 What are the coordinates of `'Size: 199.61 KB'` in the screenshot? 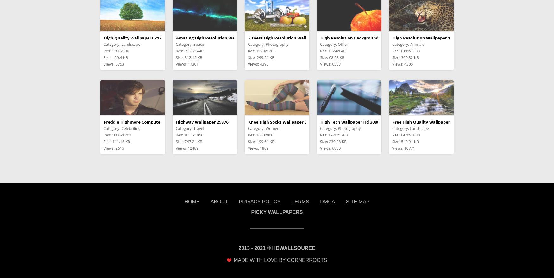 It's located at (261, 141).